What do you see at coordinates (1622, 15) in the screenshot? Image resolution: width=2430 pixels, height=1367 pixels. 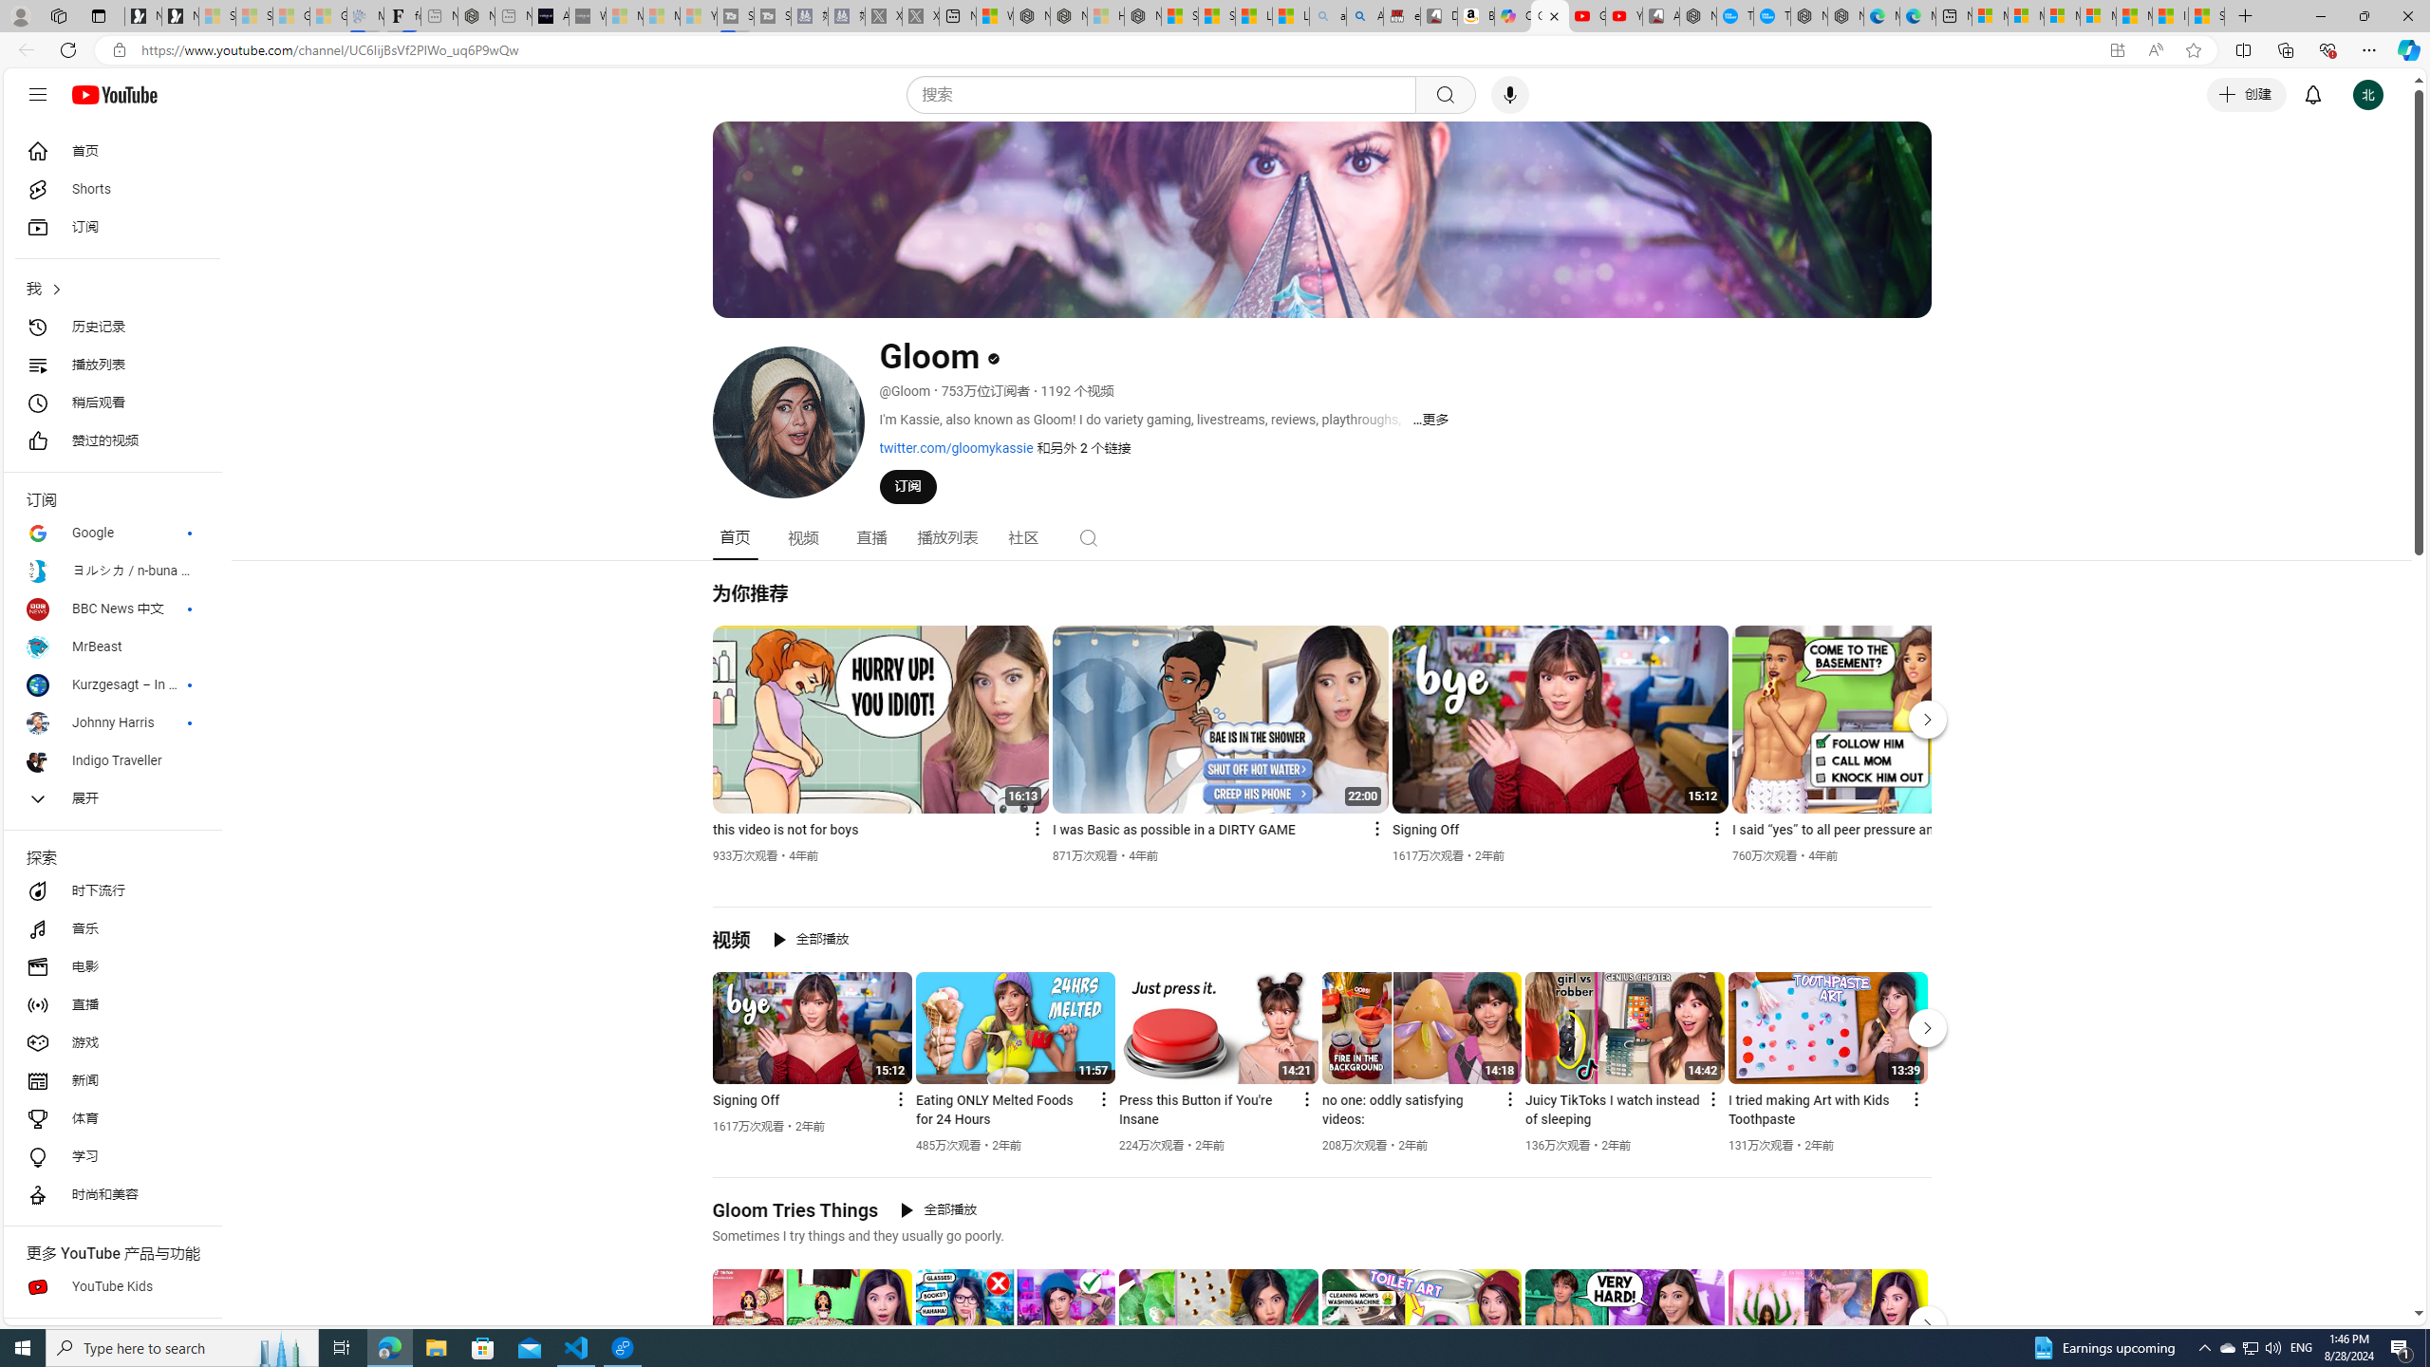 I see `'YouTube Kids - An App Created for Kids to Explore Content'` at bounding box center [1622, 15].